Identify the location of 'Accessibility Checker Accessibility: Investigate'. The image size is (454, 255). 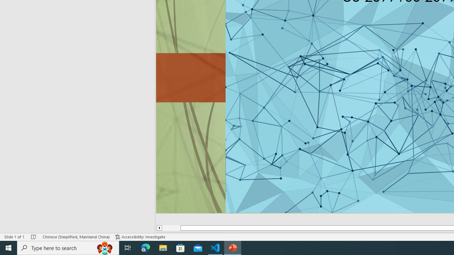
(140, 237).